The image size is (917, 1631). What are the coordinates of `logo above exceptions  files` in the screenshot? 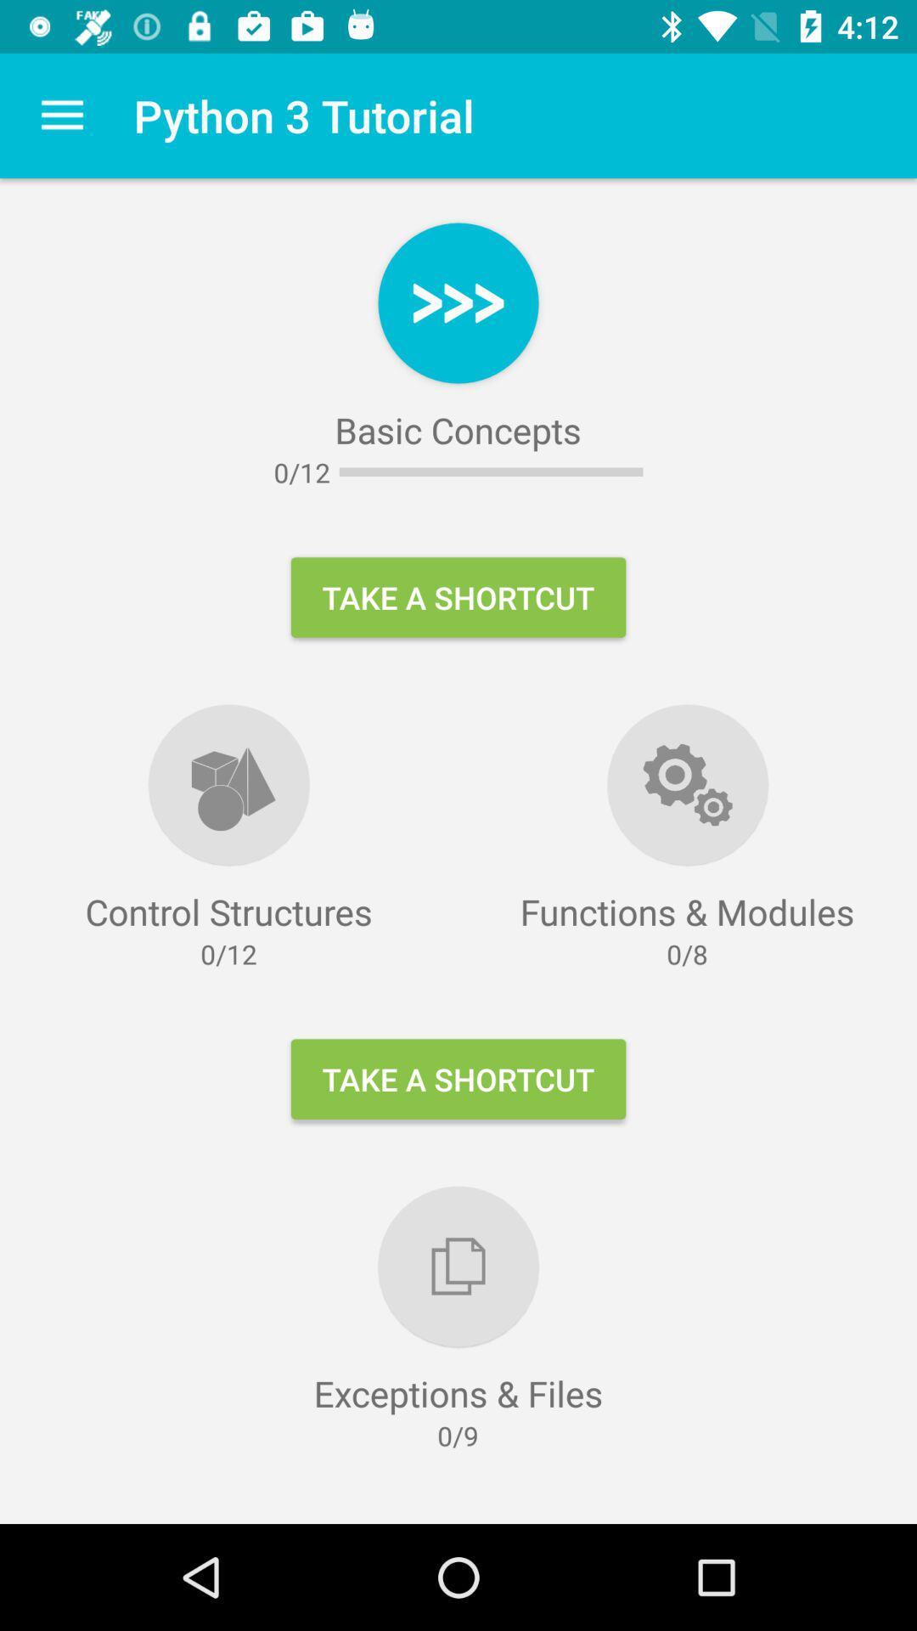 It's located at (458, 1267).